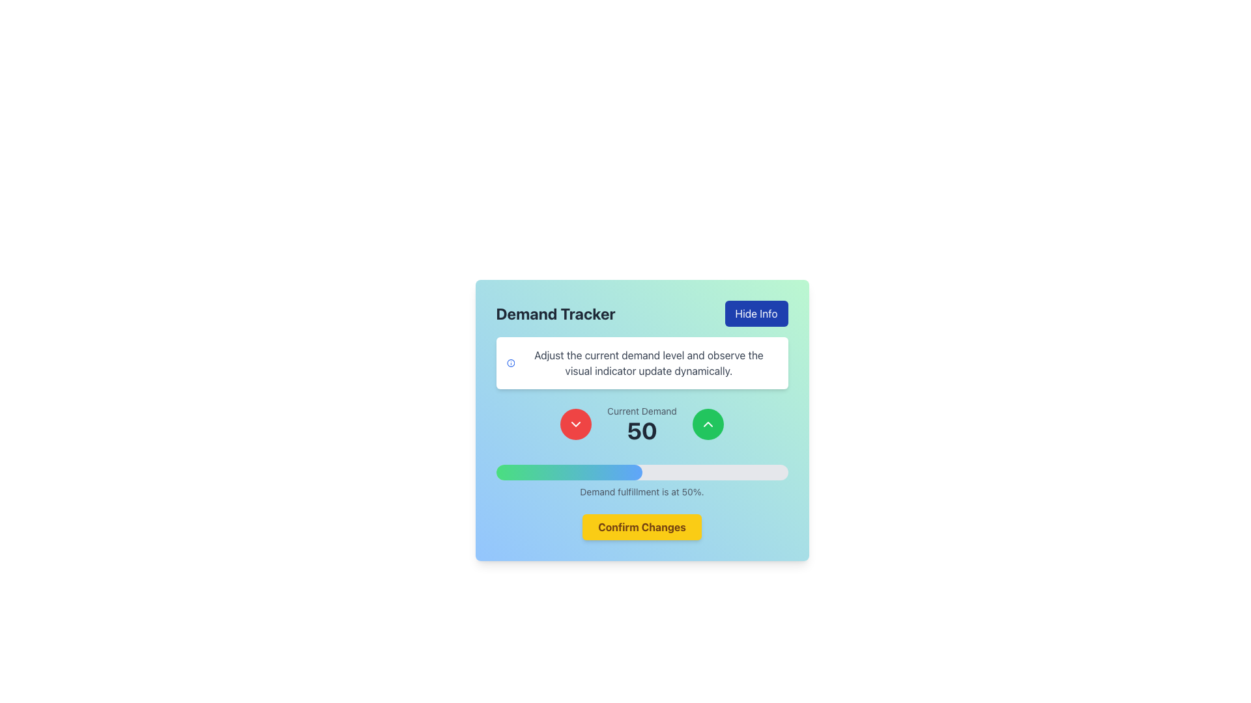 The image size is (1251, 703). What do you see at coordinates (642, 482) in the screenshot?
I see `the horizontal progress bar with a gradient fill representing 50% progress, located above the text label 'Demand fulfillment is at 50%.'` at bounding box center [642, 482].